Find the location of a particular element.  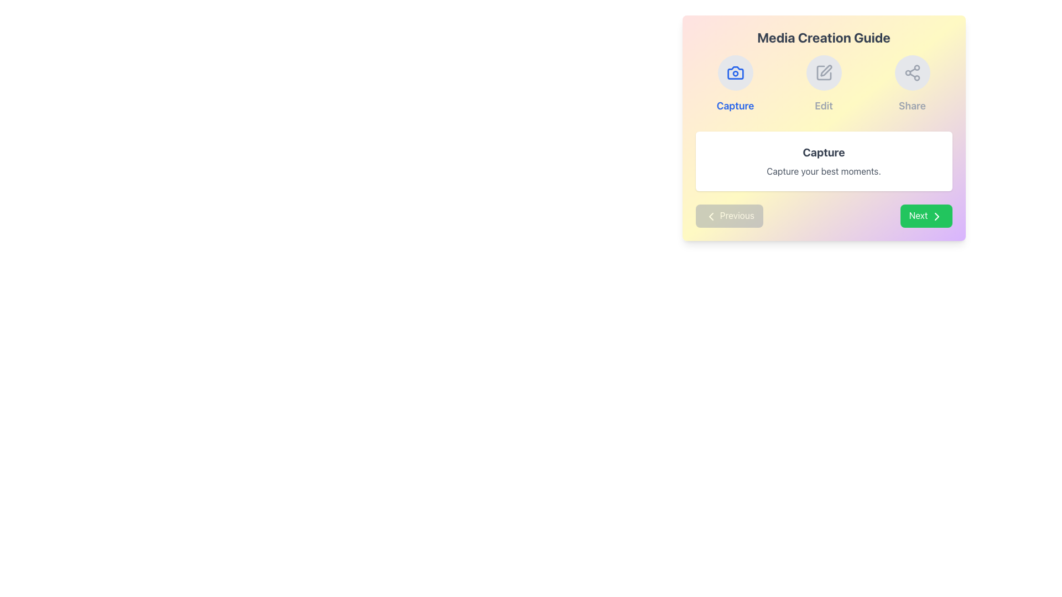

the static text label 'Capture' located directly below the camera icon in the 'Media Creation Guide' card section is located at coordinates (735, 106).